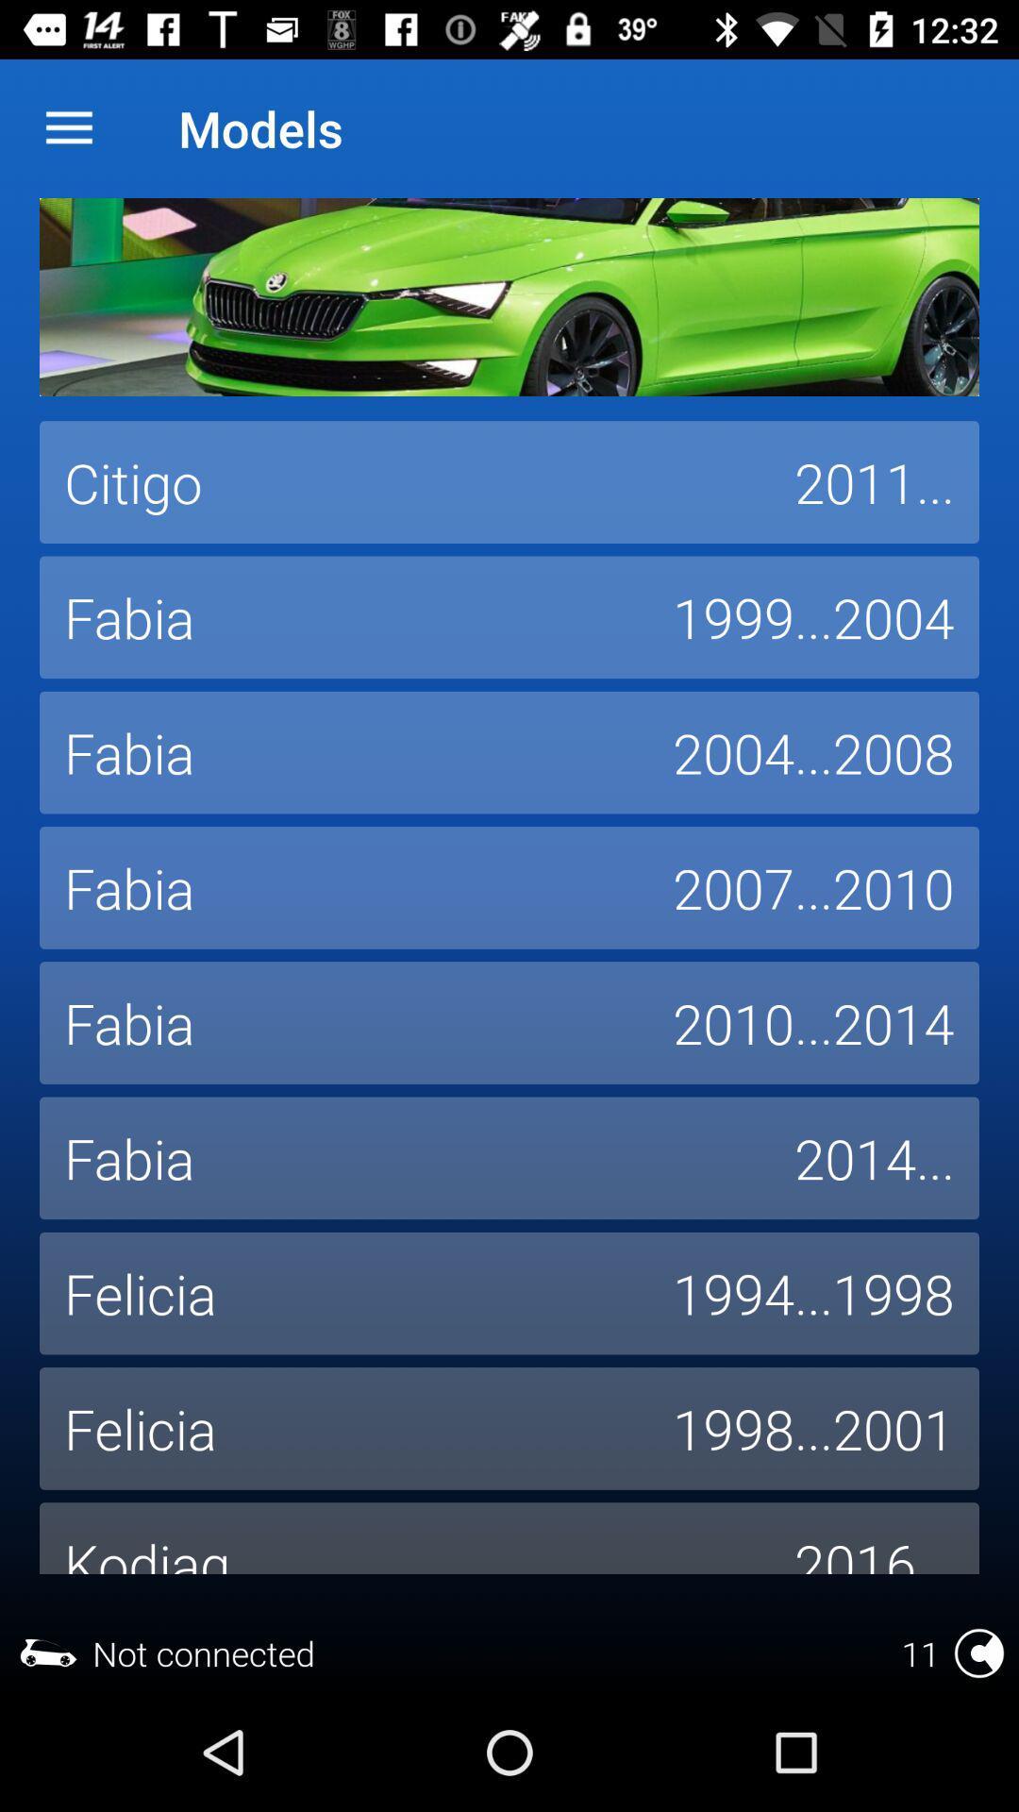 The width and height of the screenshot is (1019, 1812). What do you see at coordinates (874, 482) in the screenshot?
I see `the item at the top right corner` at bounding box center [874, 482].